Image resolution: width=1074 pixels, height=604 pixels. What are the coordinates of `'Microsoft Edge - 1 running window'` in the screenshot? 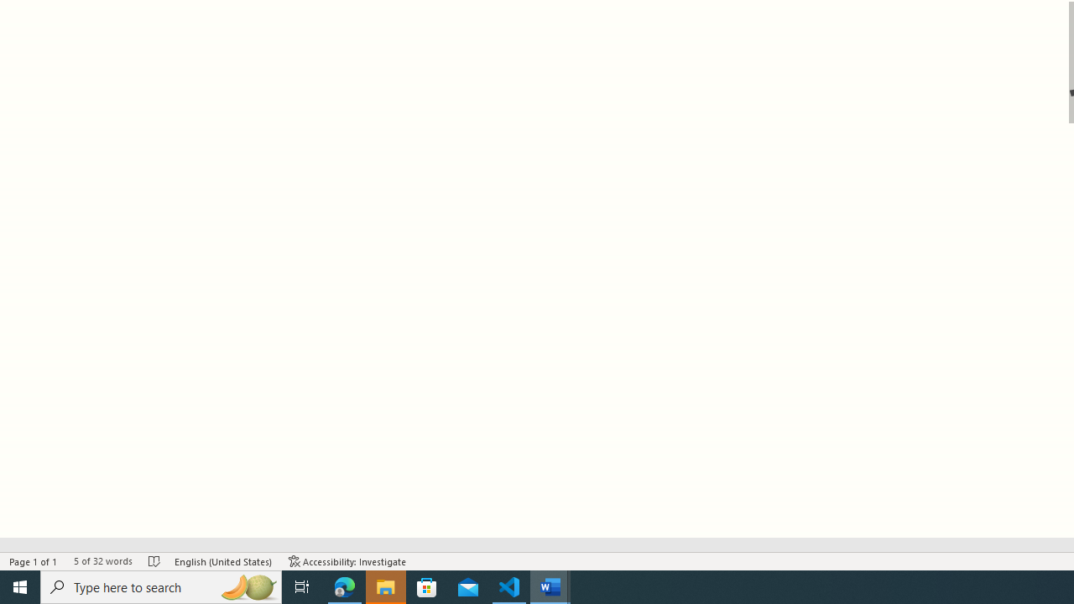 It's located at (344, 586).